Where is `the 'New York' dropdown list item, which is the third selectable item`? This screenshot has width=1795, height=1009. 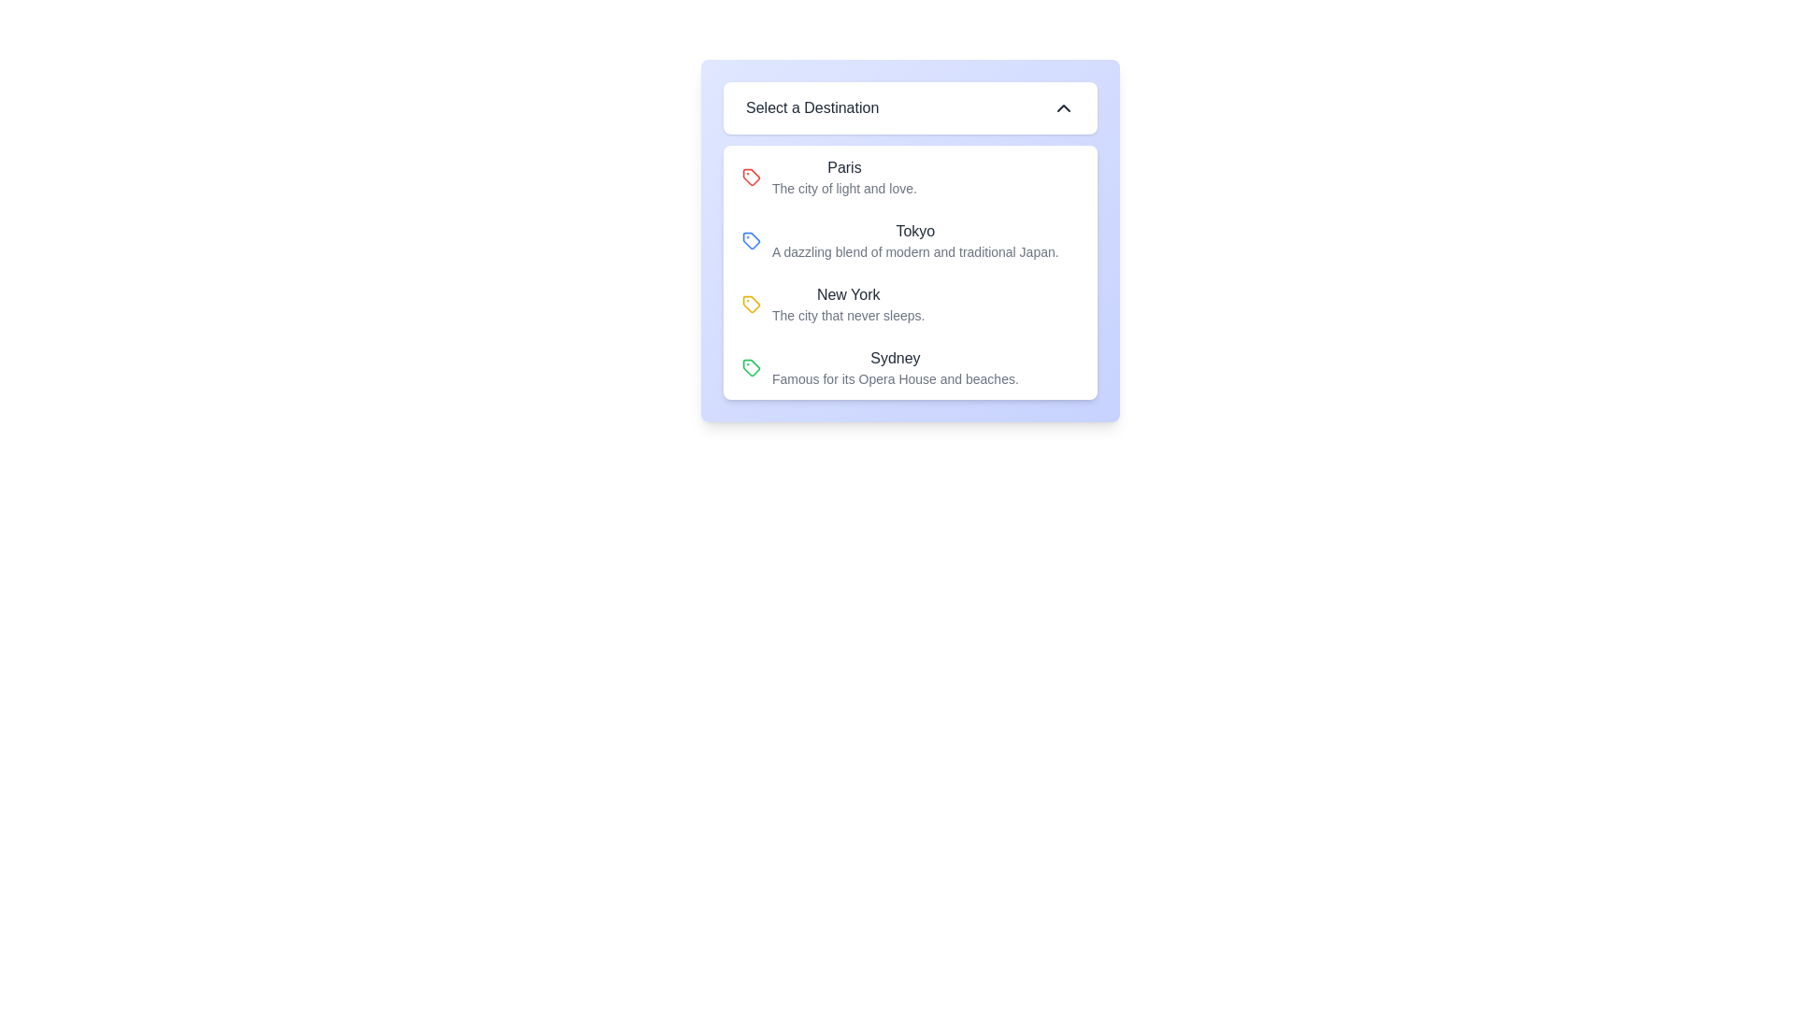 the 'New York' dropdown list item, which is the third selectable item is located at coordinates (911, 304).